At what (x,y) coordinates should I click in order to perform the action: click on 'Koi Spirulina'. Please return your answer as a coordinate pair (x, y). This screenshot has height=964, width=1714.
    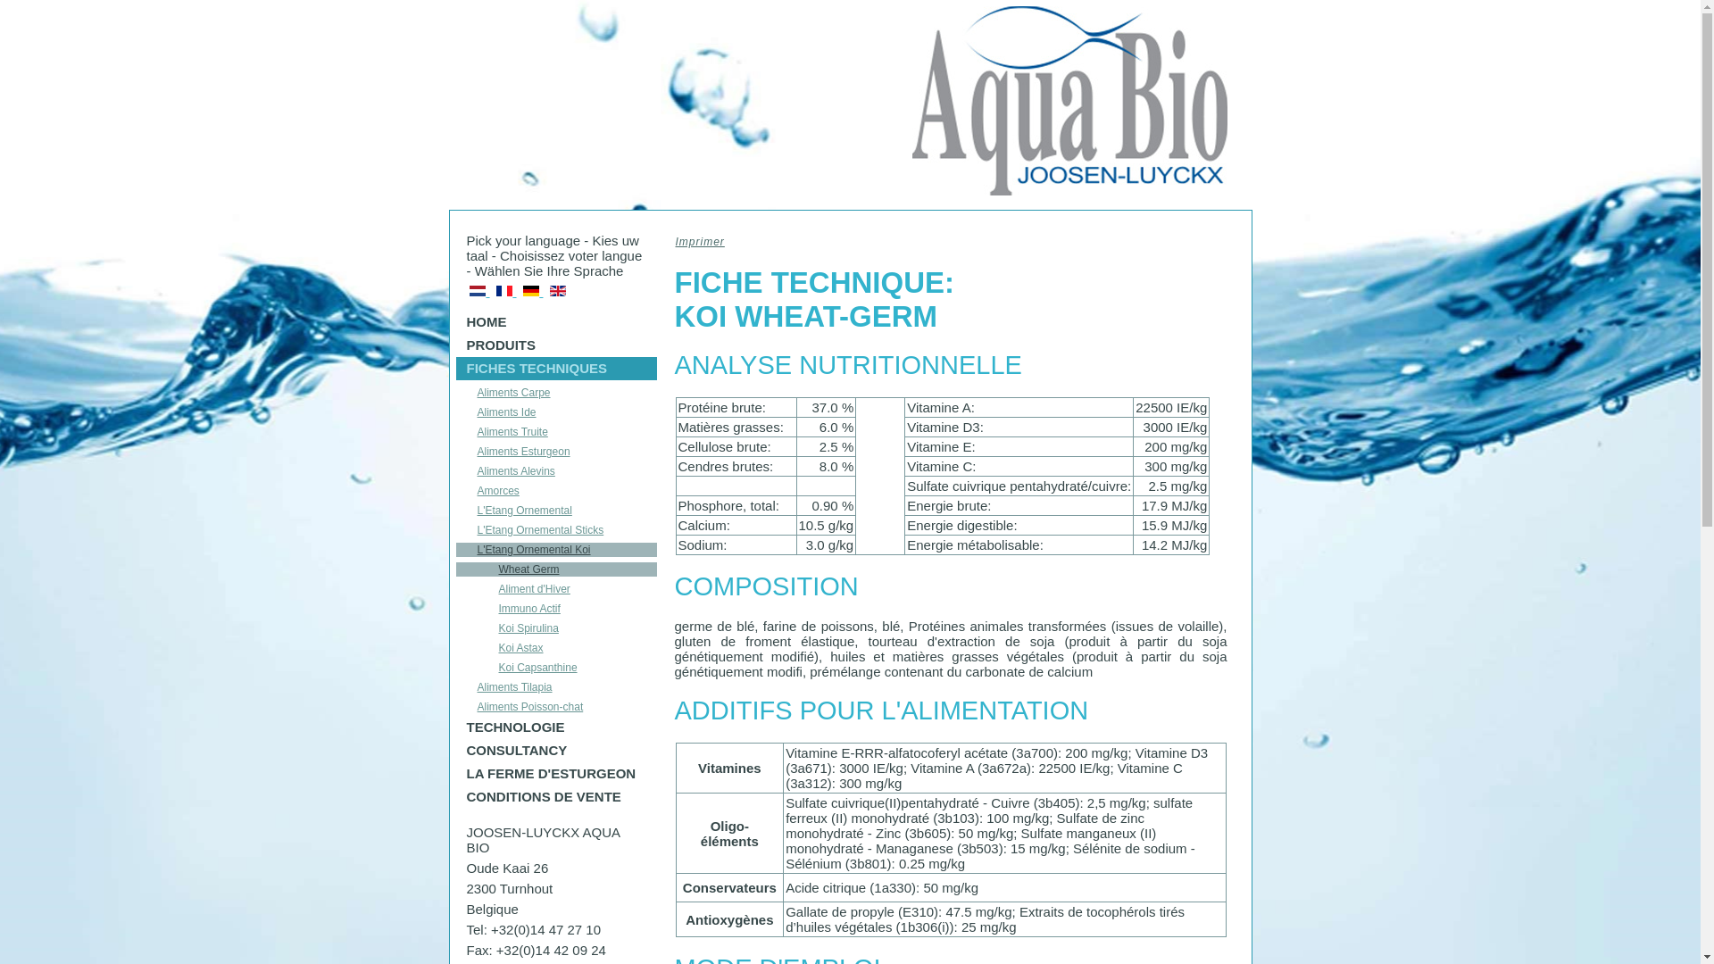
    Looking at the image, I should click on (554, 627).